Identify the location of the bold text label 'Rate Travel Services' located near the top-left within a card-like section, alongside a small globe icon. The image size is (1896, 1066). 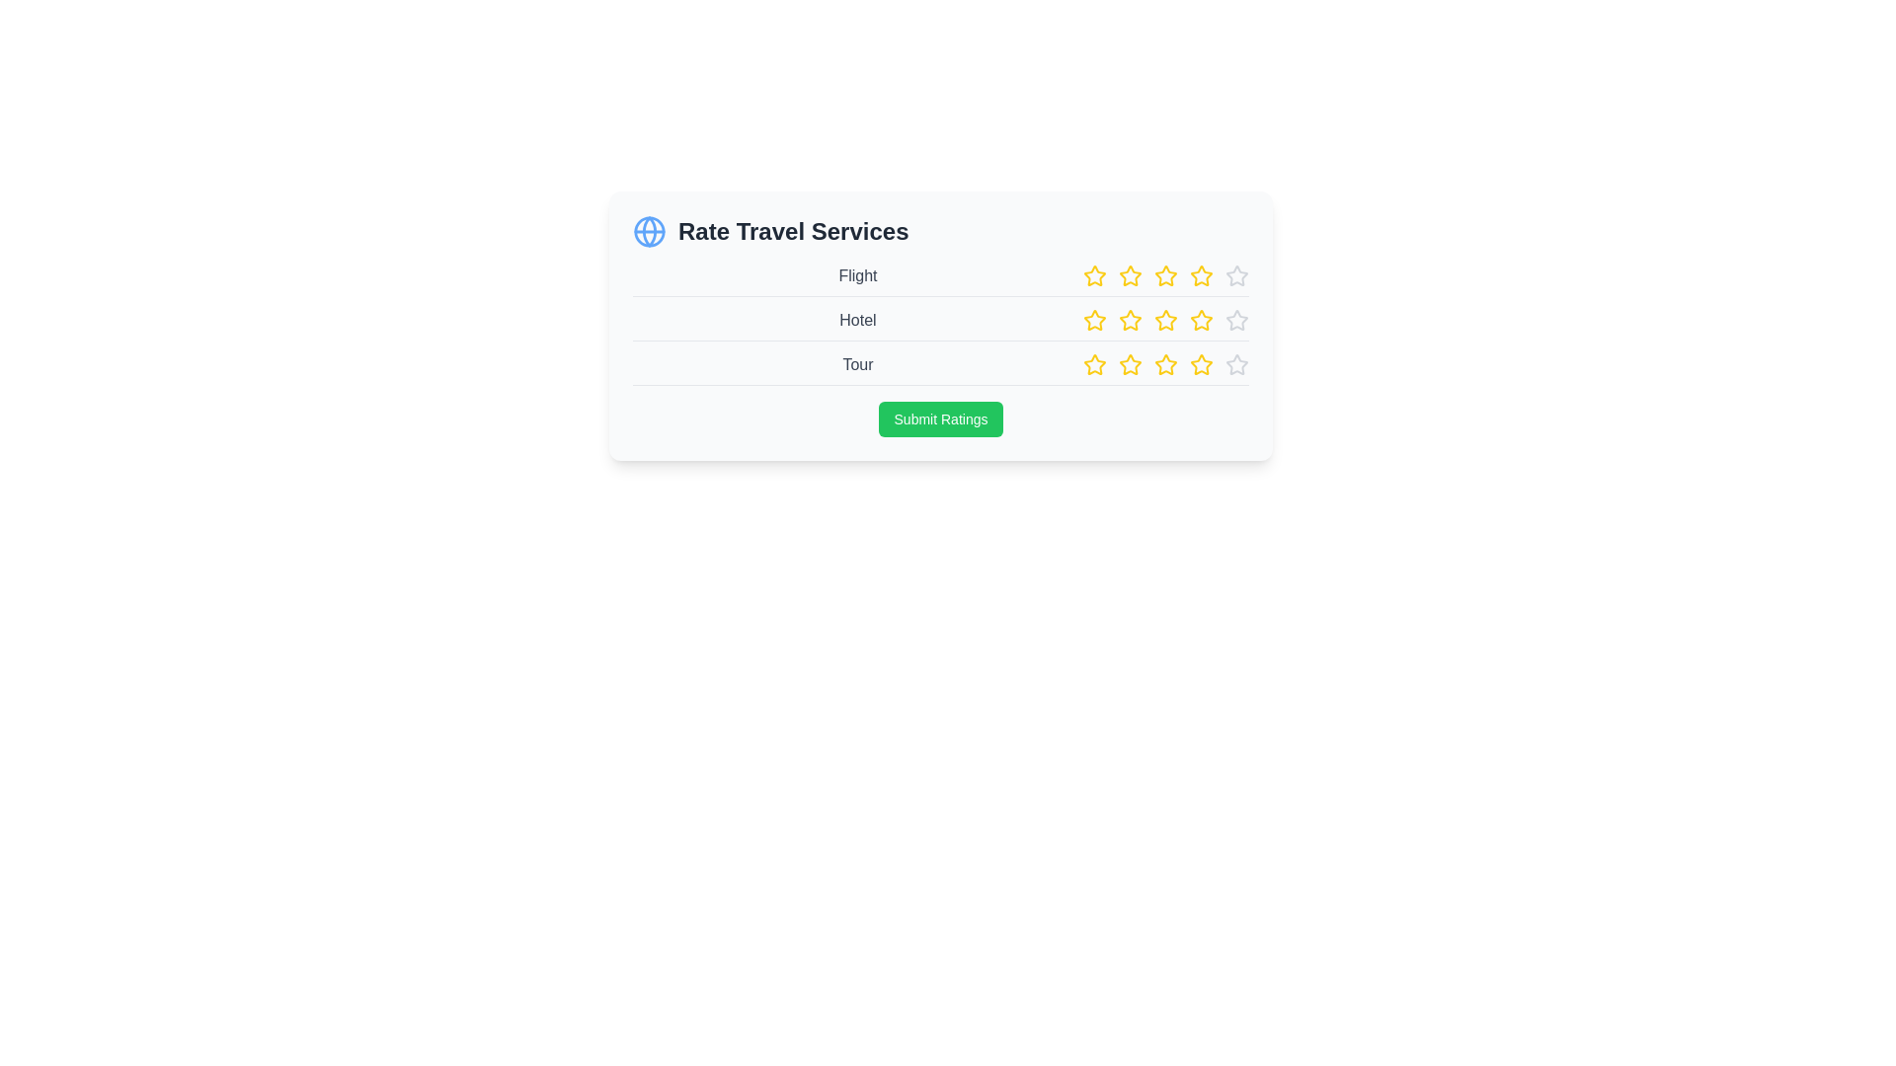
(793, 231).